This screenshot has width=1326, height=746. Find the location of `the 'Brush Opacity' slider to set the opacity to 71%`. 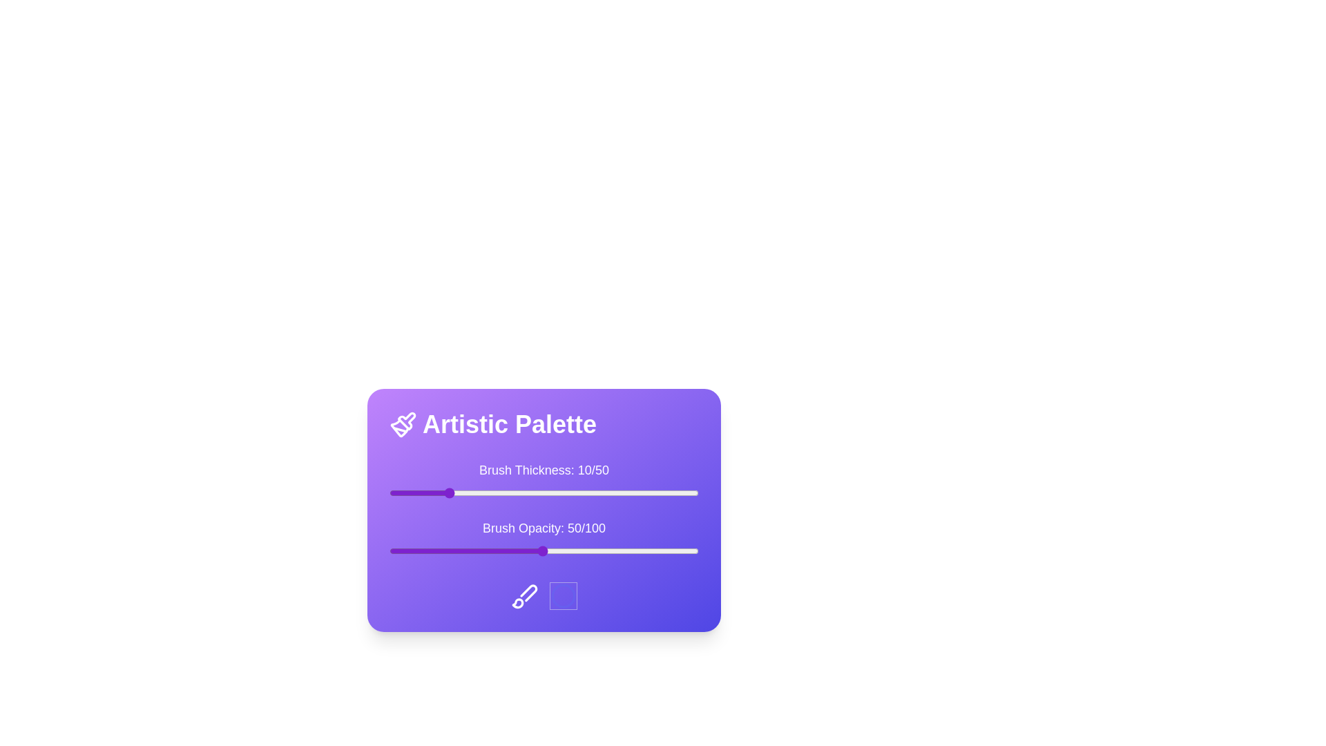

the 'Brush Opacity' slider to set the opacity to 71% is located at coordinates (608, 551).